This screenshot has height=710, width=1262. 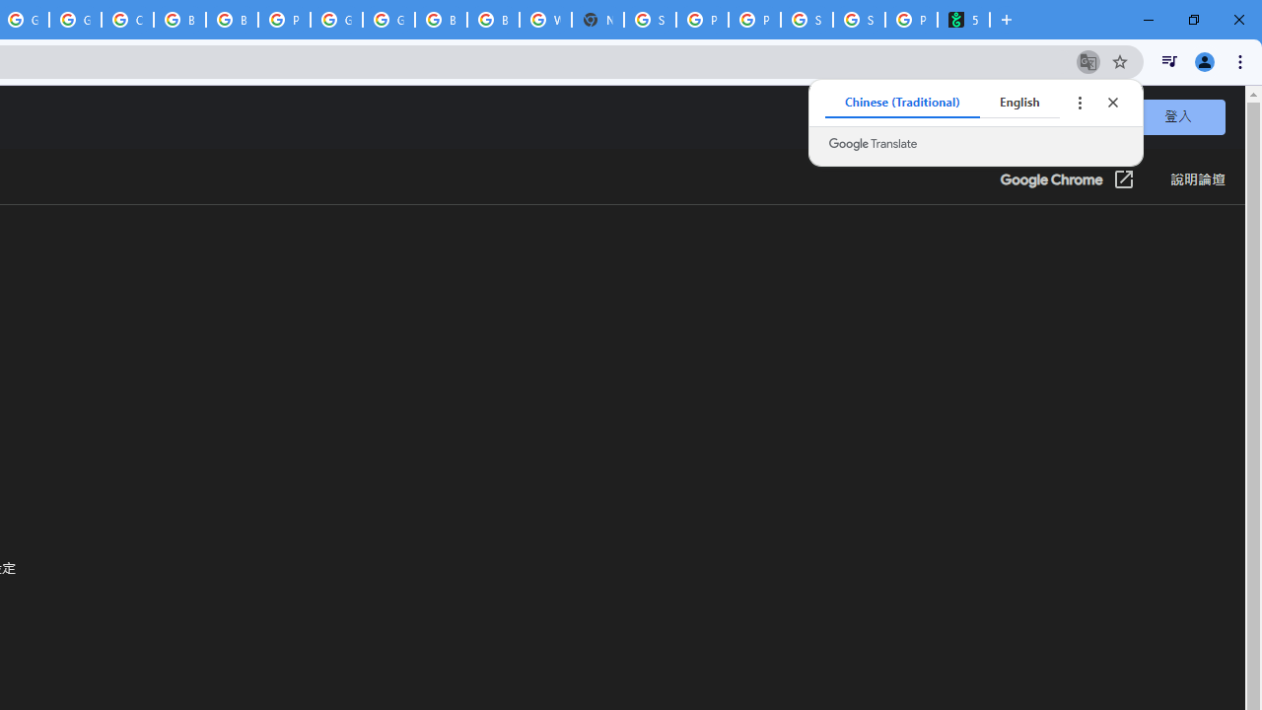 I want to click on 'New Tab', so click(x=596, y=20).